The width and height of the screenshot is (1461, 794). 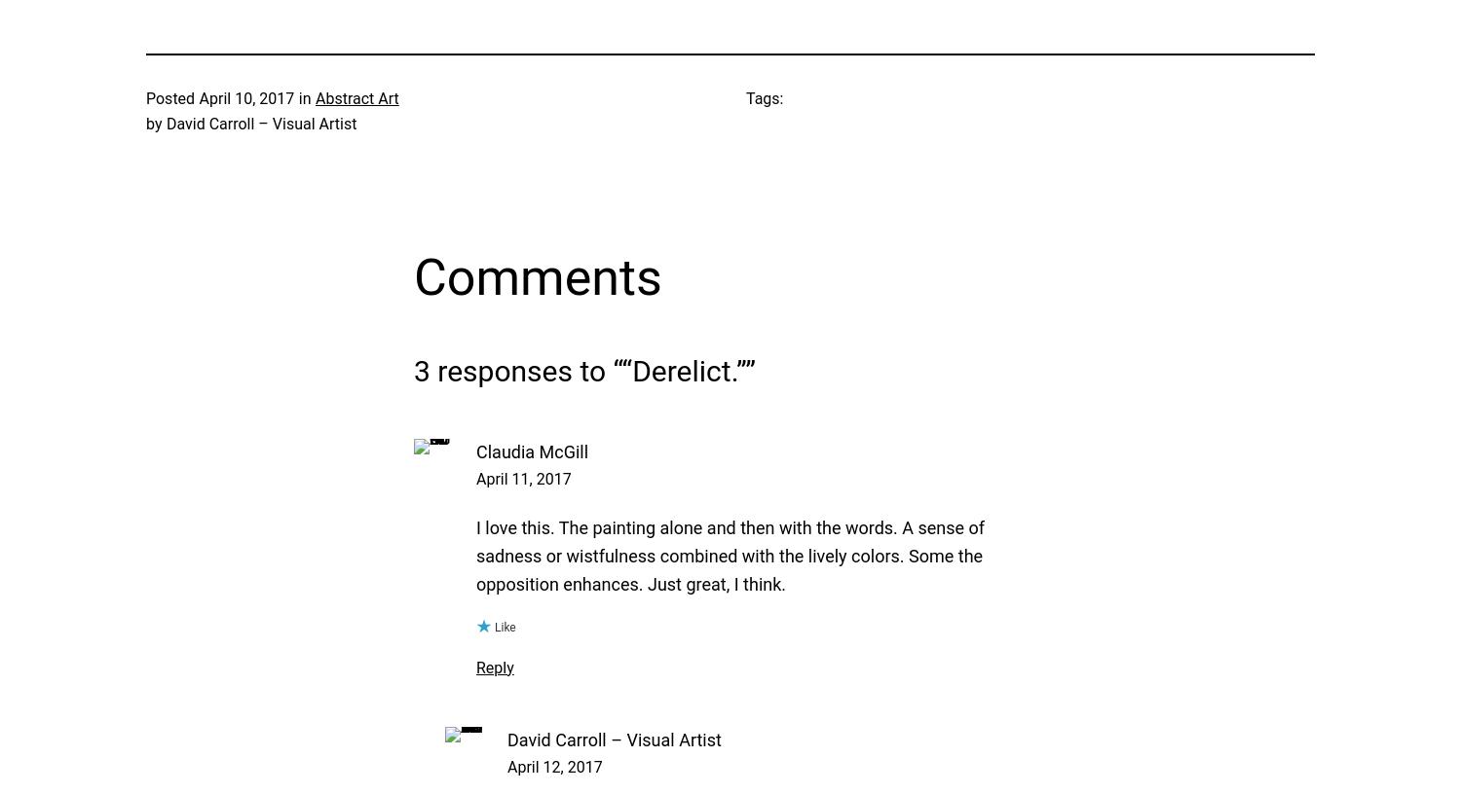 What do you see at coordinates (298, 96) in the screenshot?
I see `'in'` at bounding box center [298, 96].